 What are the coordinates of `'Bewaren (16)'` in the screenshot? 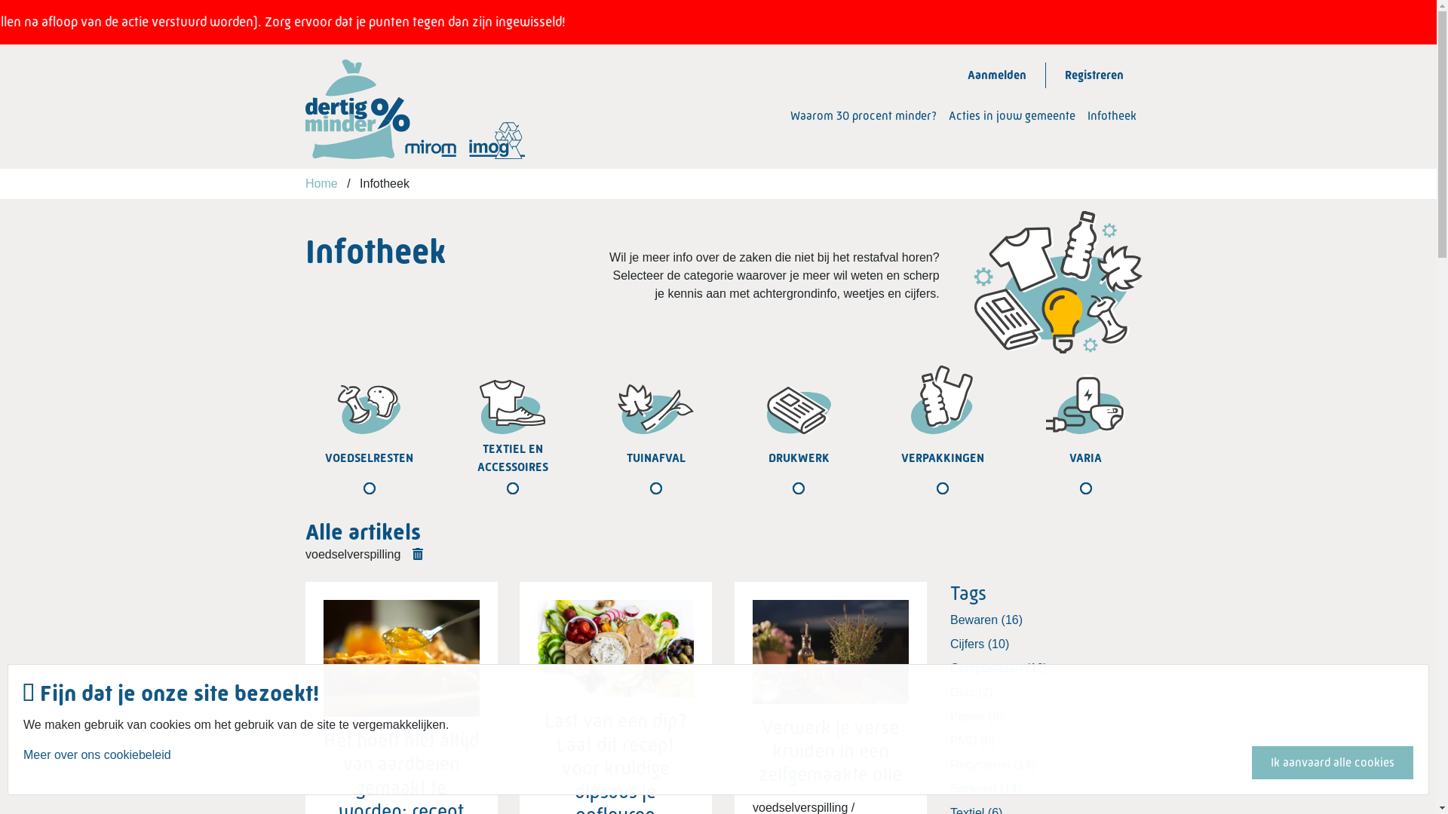 It's located at (1045, 620).